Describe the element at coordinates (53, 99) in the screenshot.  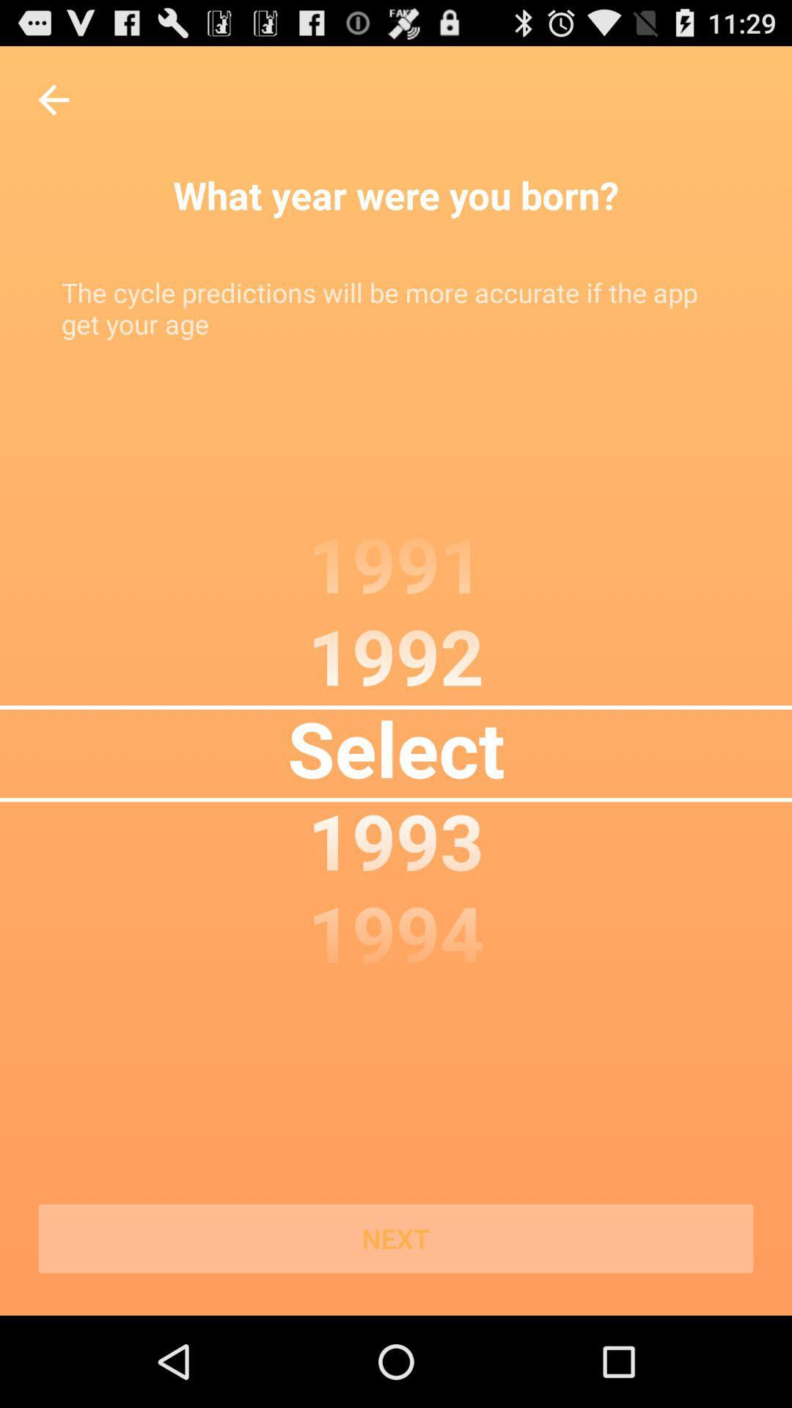
I see `icon above what year were item` at that location.